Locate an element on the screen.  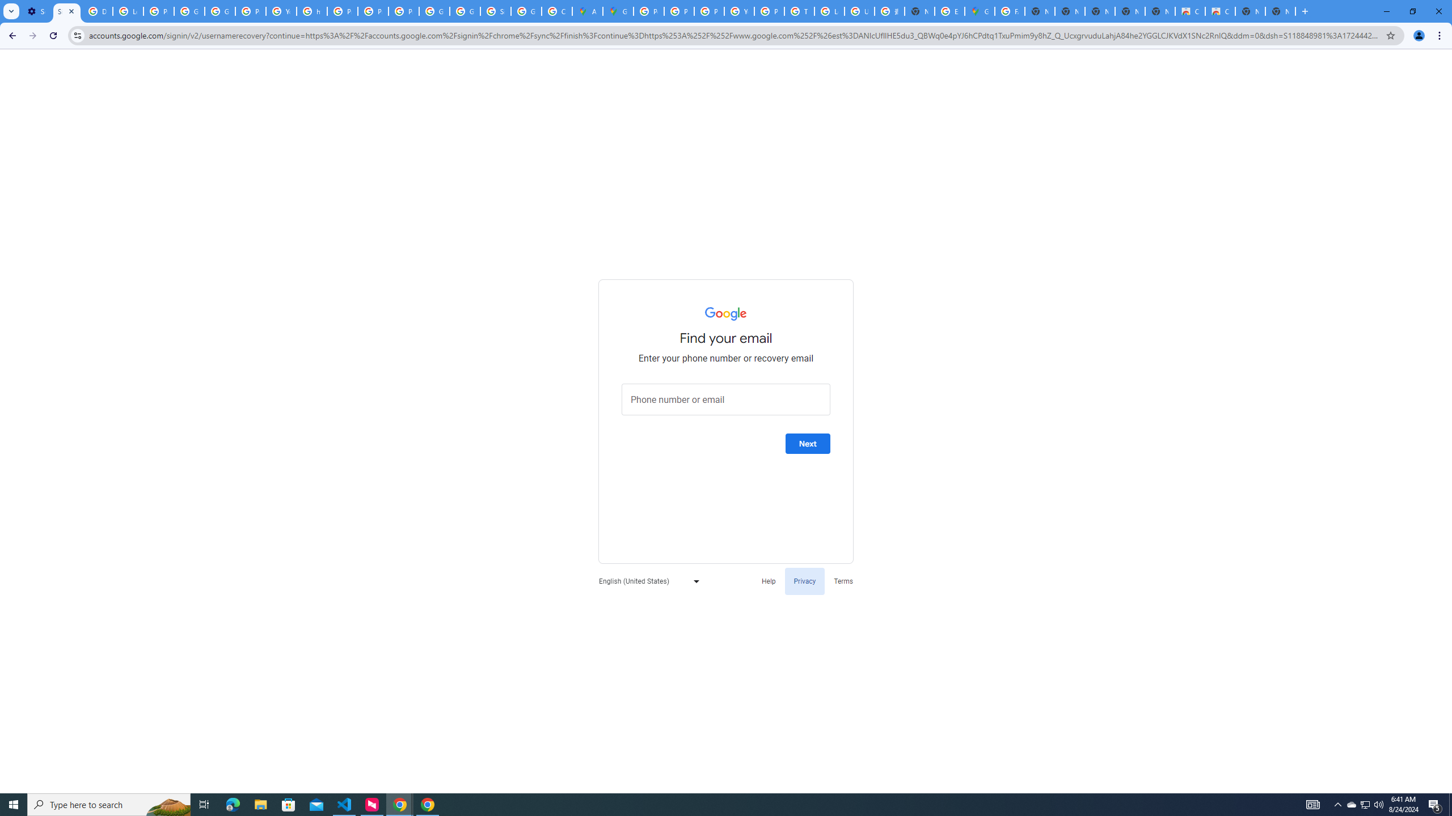
'Tips & tricks for Chrome - Google Chrome Help' is located at coordinates (799, 11).